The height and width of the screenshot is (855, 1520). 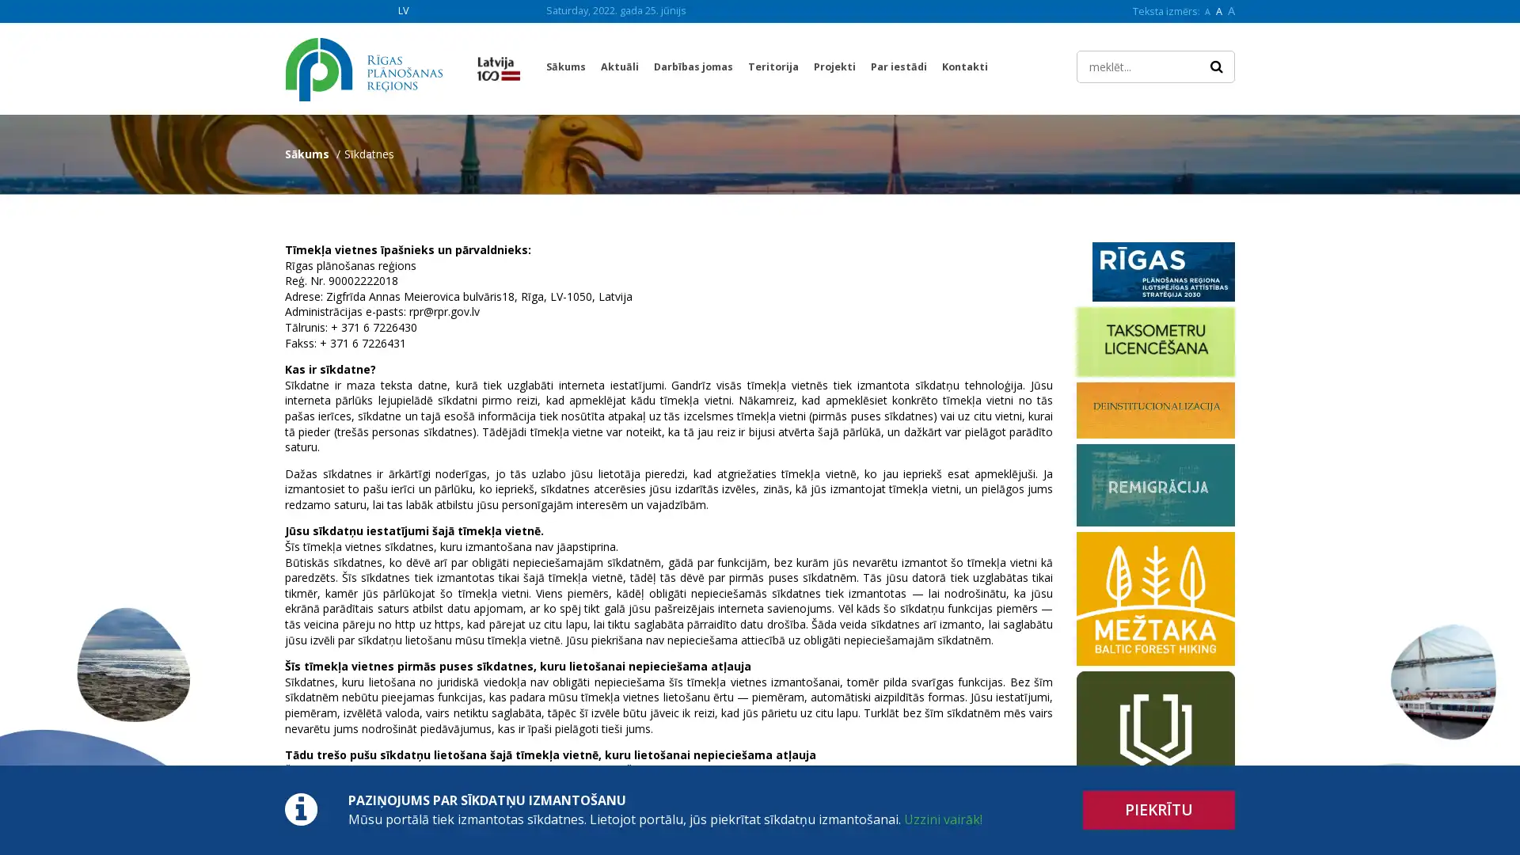 What do you see at coordinates (1159, 810) in the screenshot?
I see `PIEKRITU` at bounding box center [1159, 810].